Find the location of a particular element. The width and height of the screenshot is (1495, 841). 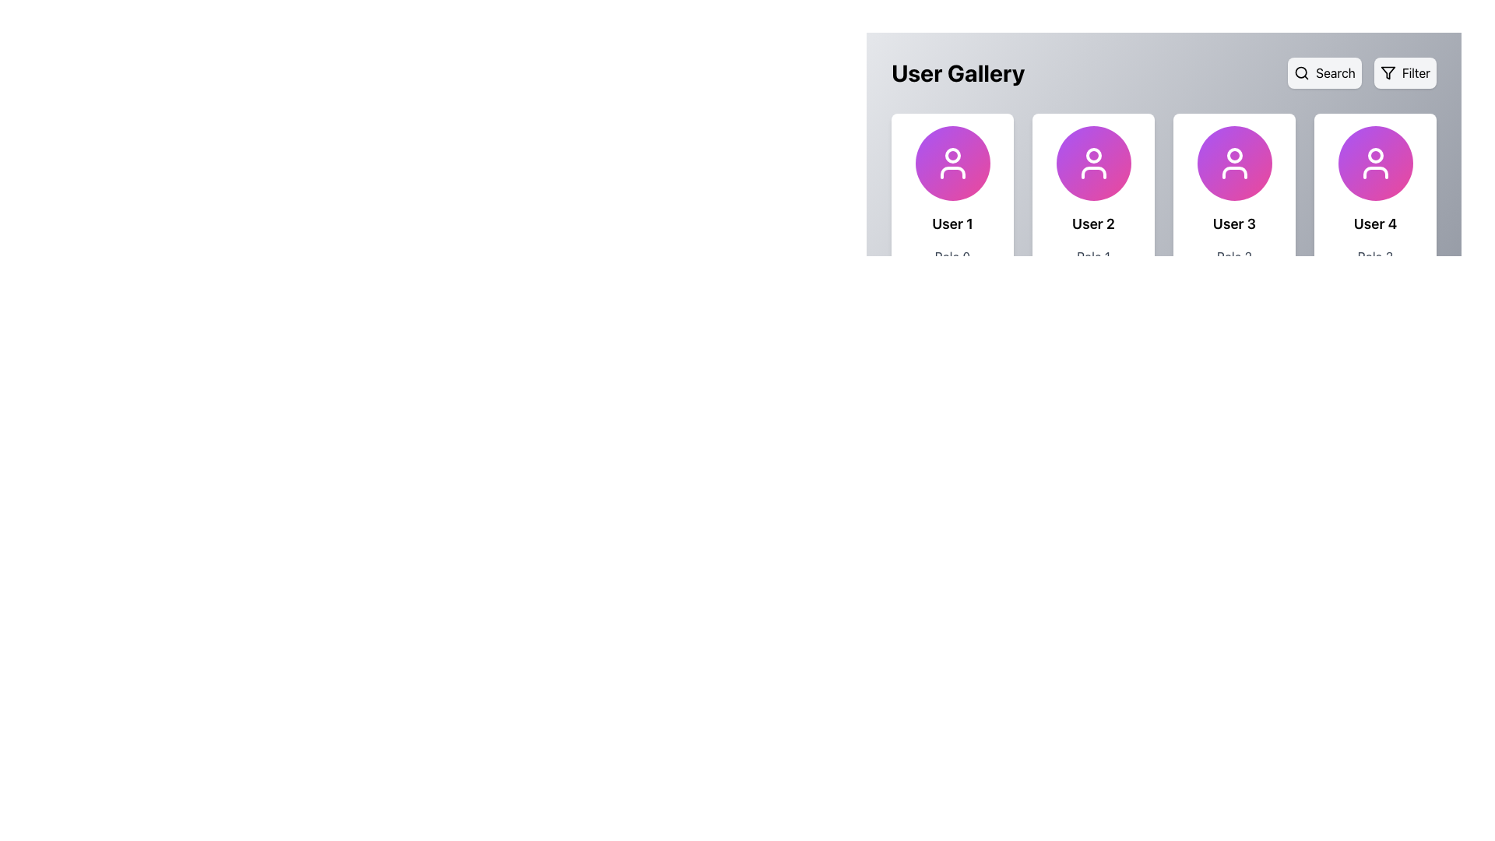

the user identification icon for 'User 2' is located at coordinates (1092, 163).